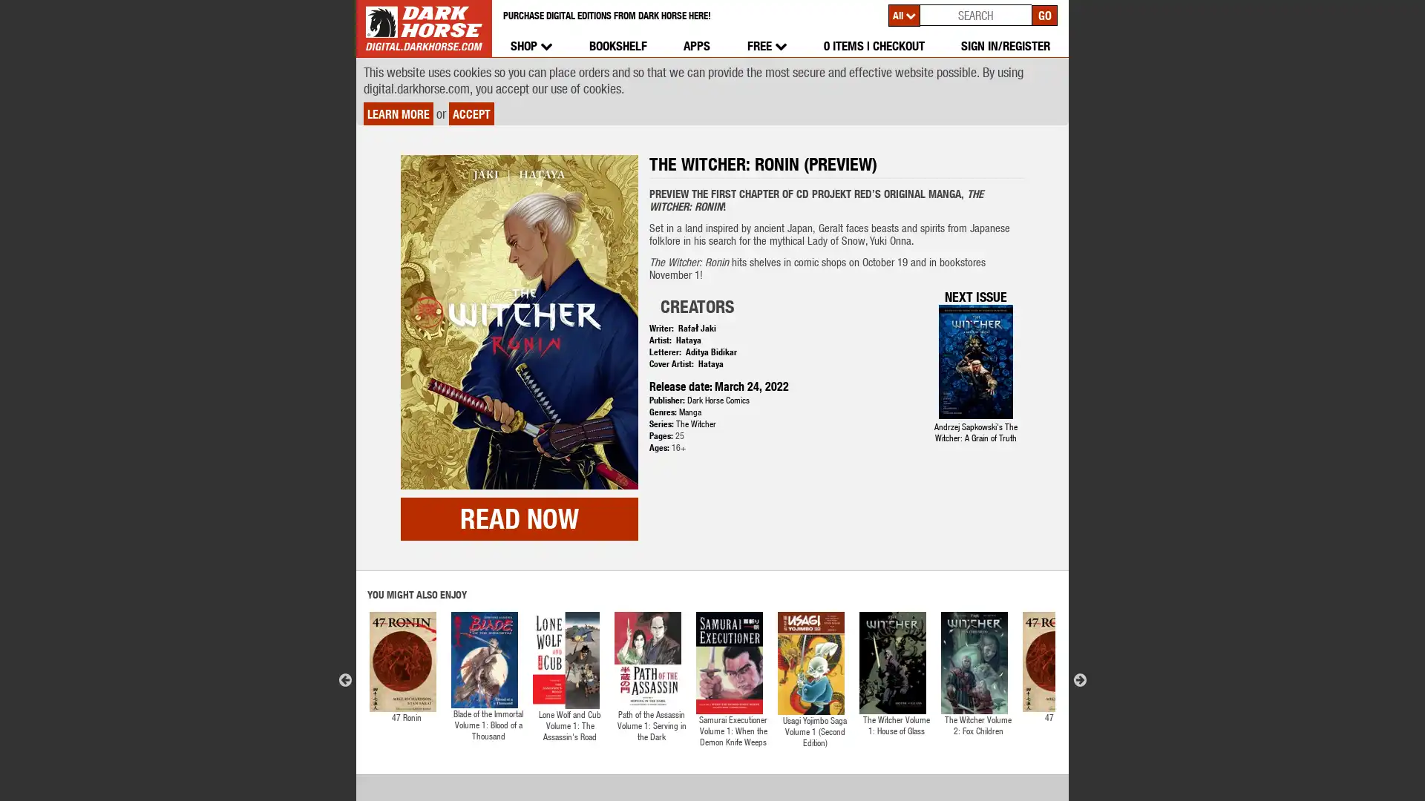  I want to click on Previous, so click(344, 612).